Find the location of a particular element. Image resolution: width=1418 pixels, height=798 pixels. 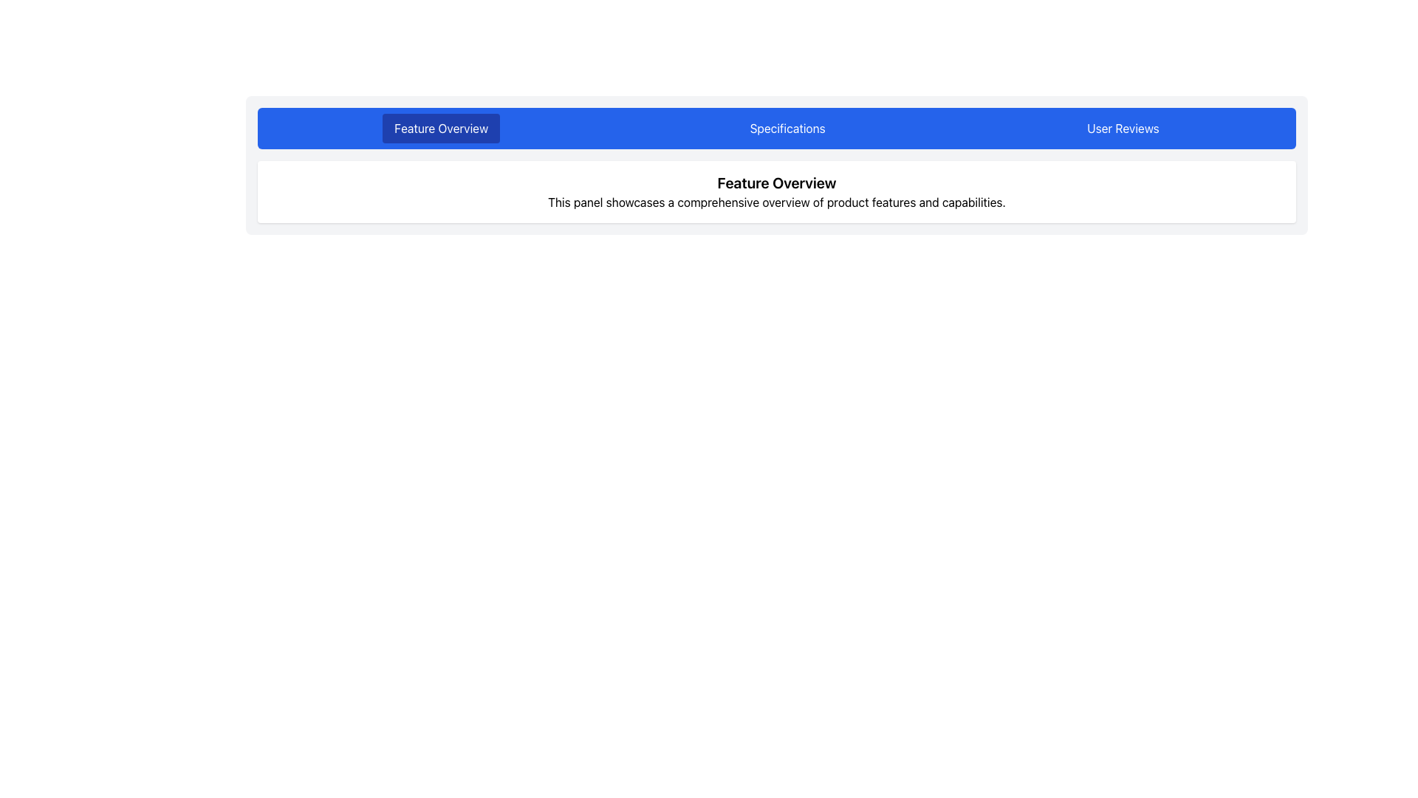

the 'User Reviews' button is located at coordinates (1123, 127).